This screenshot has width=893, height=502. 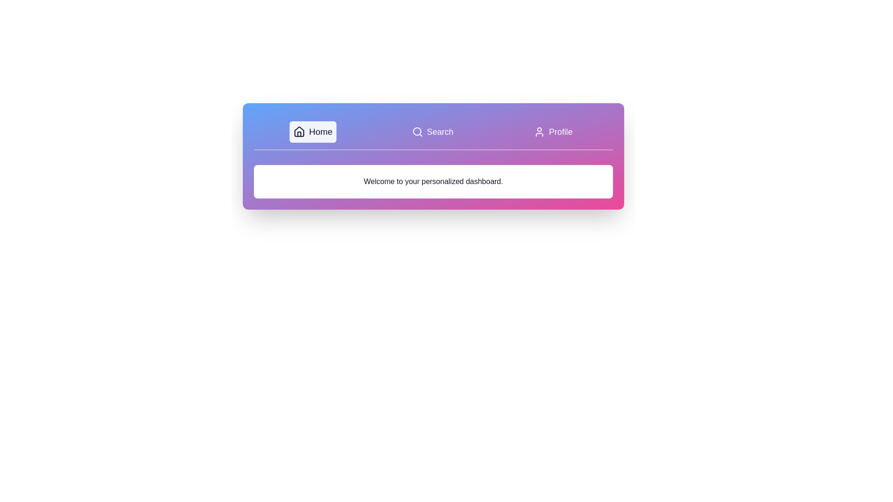 What do you see at coordinates (313, 132) in the screenshot?
I see `the tab labeled Home to interact with its icon` at bounding box center [313, 132].